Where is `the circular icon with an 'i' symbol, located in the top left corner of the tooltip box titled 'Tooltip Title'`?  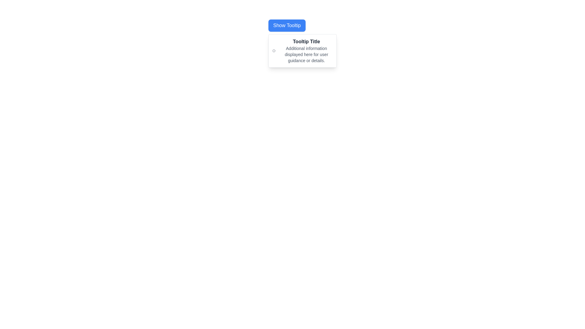
the circular icon with an 'i' symbol, located in the top left corner of the tooltip box titled 'Tooltip Title' is located at coordinates (273, 50).